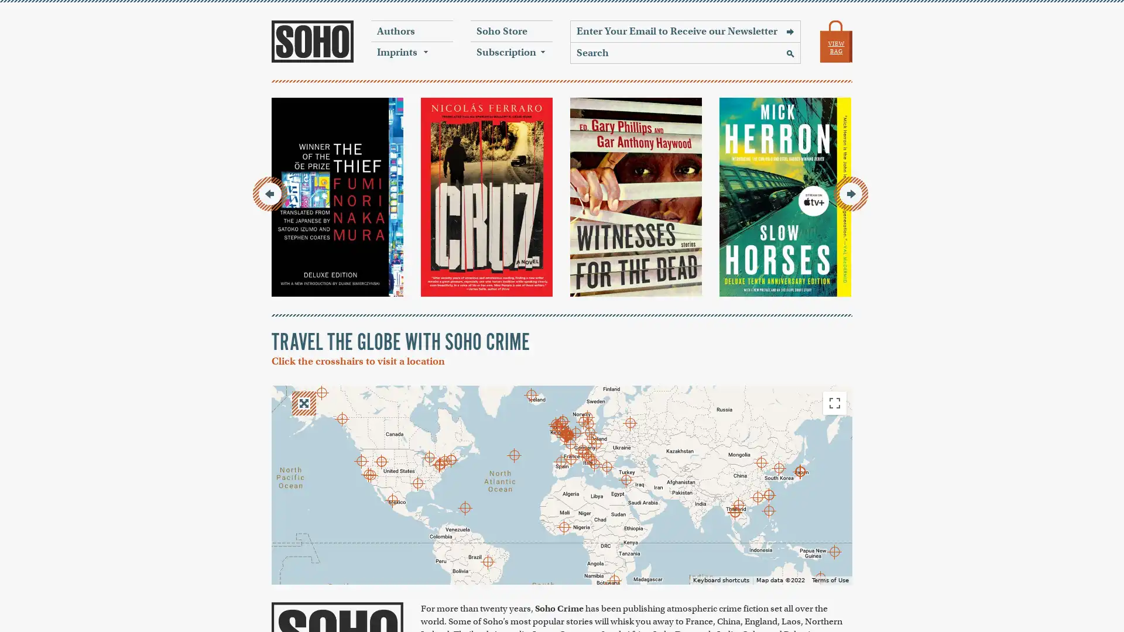 This screenshot has width=1124, height=632. What do you see at coordinates (790, 51) in the screenshot?
I see `Search` at bounding box center [790, 51].